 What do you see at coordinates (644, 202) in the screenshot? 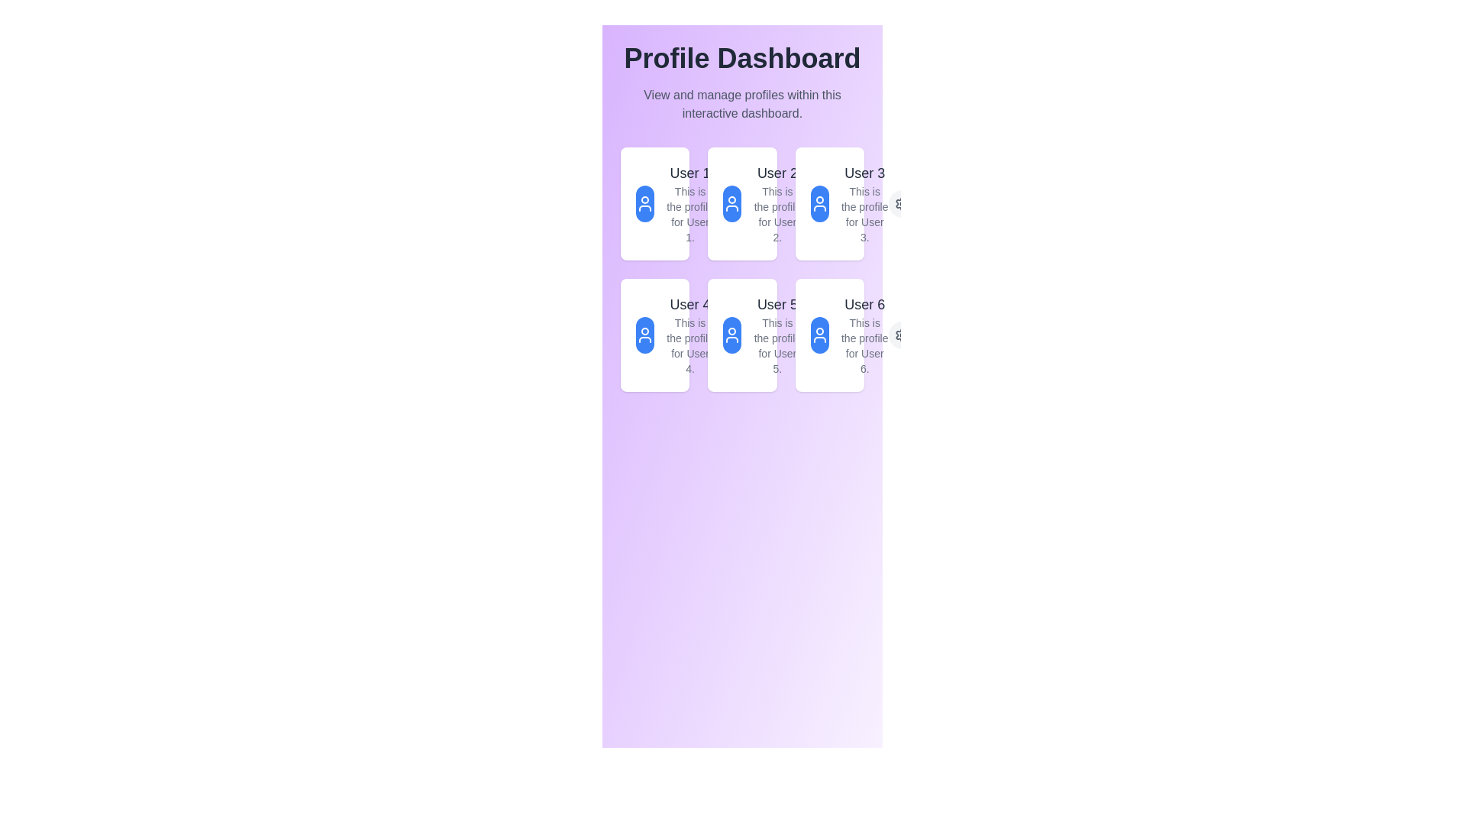
I see `the circular icon button with a blue background and white human icon located in the 'User 1' card at the top left corner of the grid layout` at bounding box center [644, 202].